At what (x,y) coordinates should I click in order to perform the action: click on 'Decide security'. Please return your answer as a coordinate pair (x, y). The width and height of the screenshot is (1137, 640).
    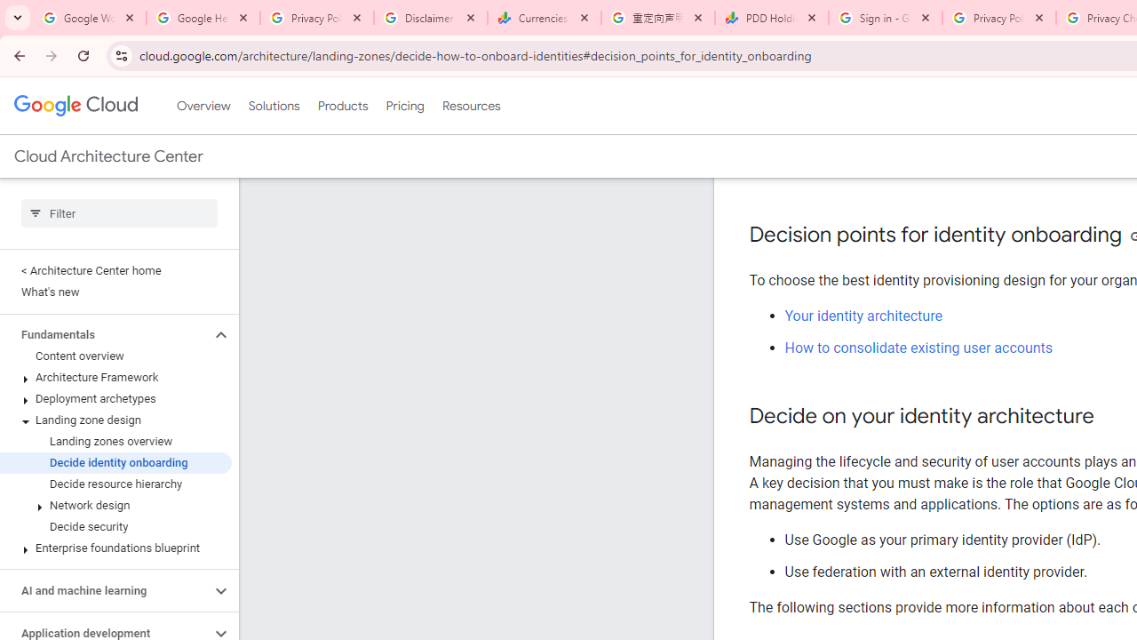
    Looking at the image, I should click on (115, 525).